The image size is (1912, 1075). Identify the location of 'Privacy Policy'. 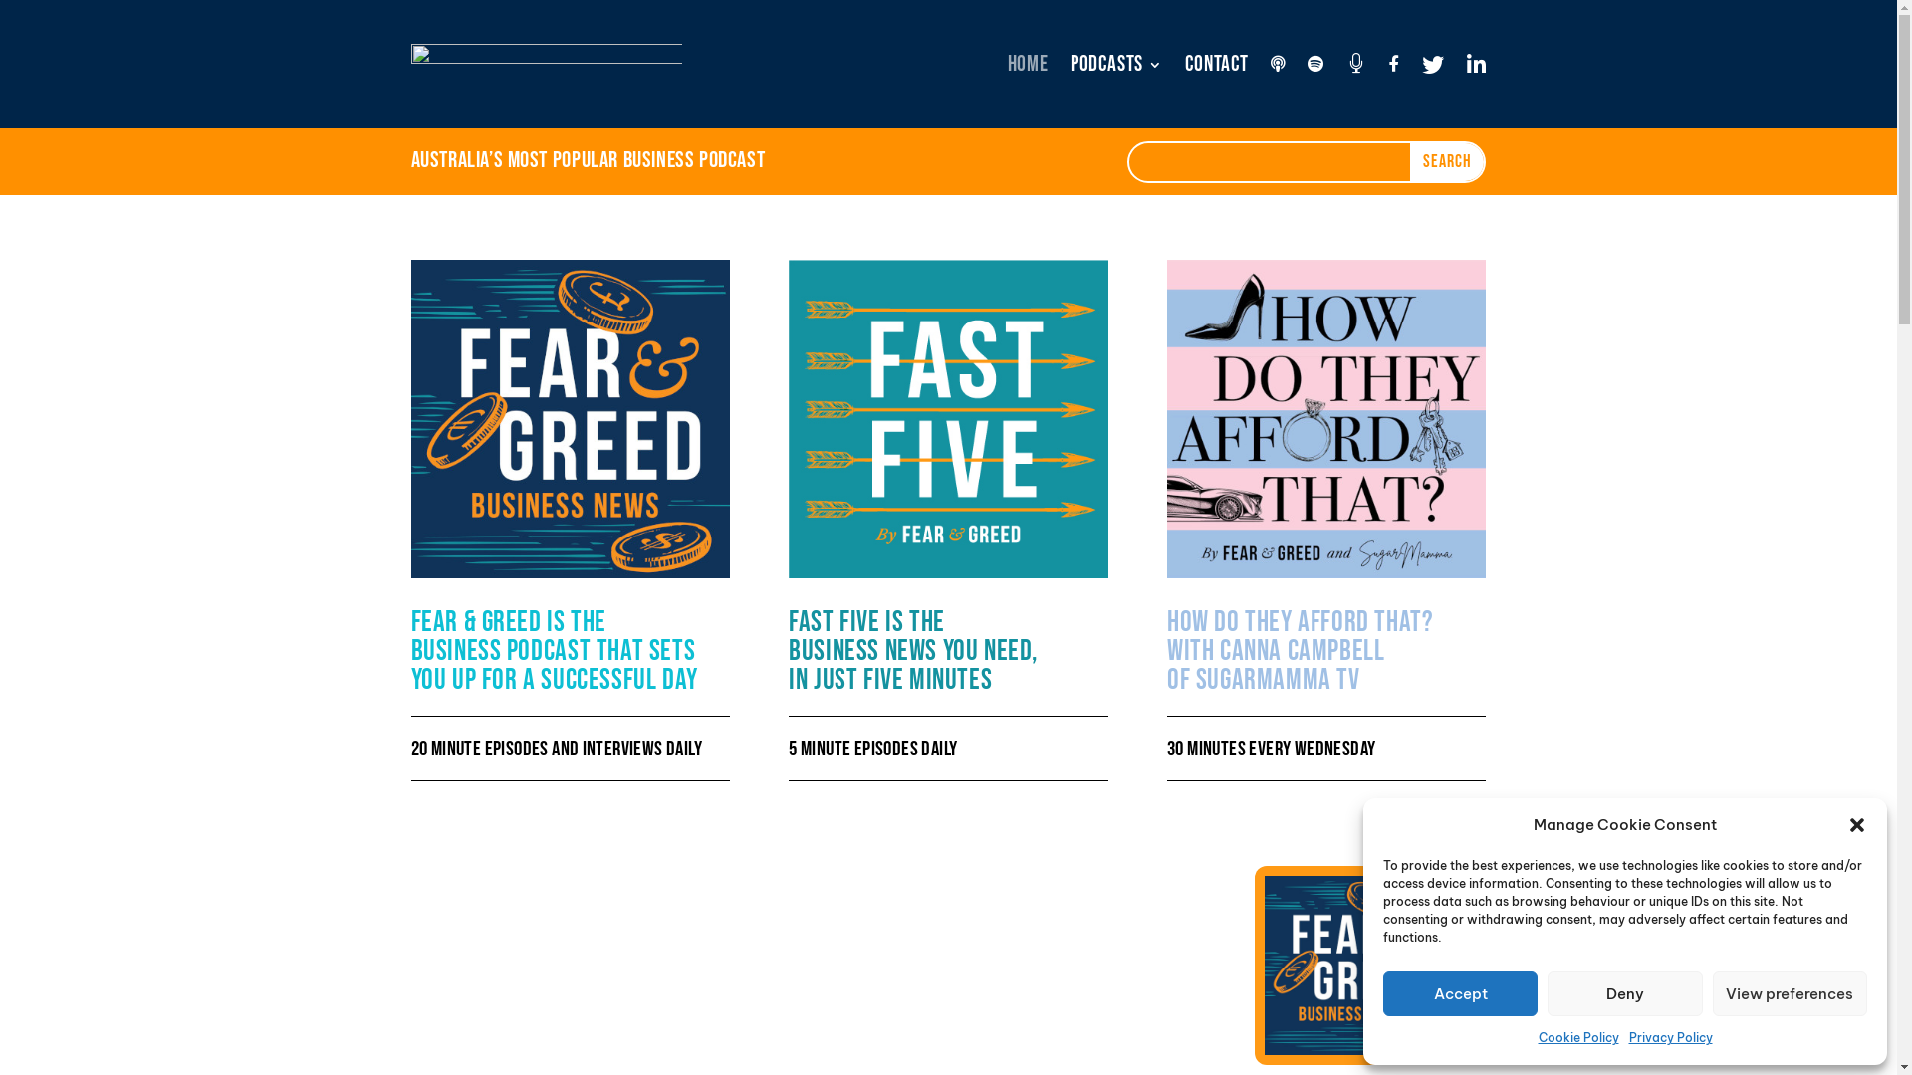
(1671, 1036).